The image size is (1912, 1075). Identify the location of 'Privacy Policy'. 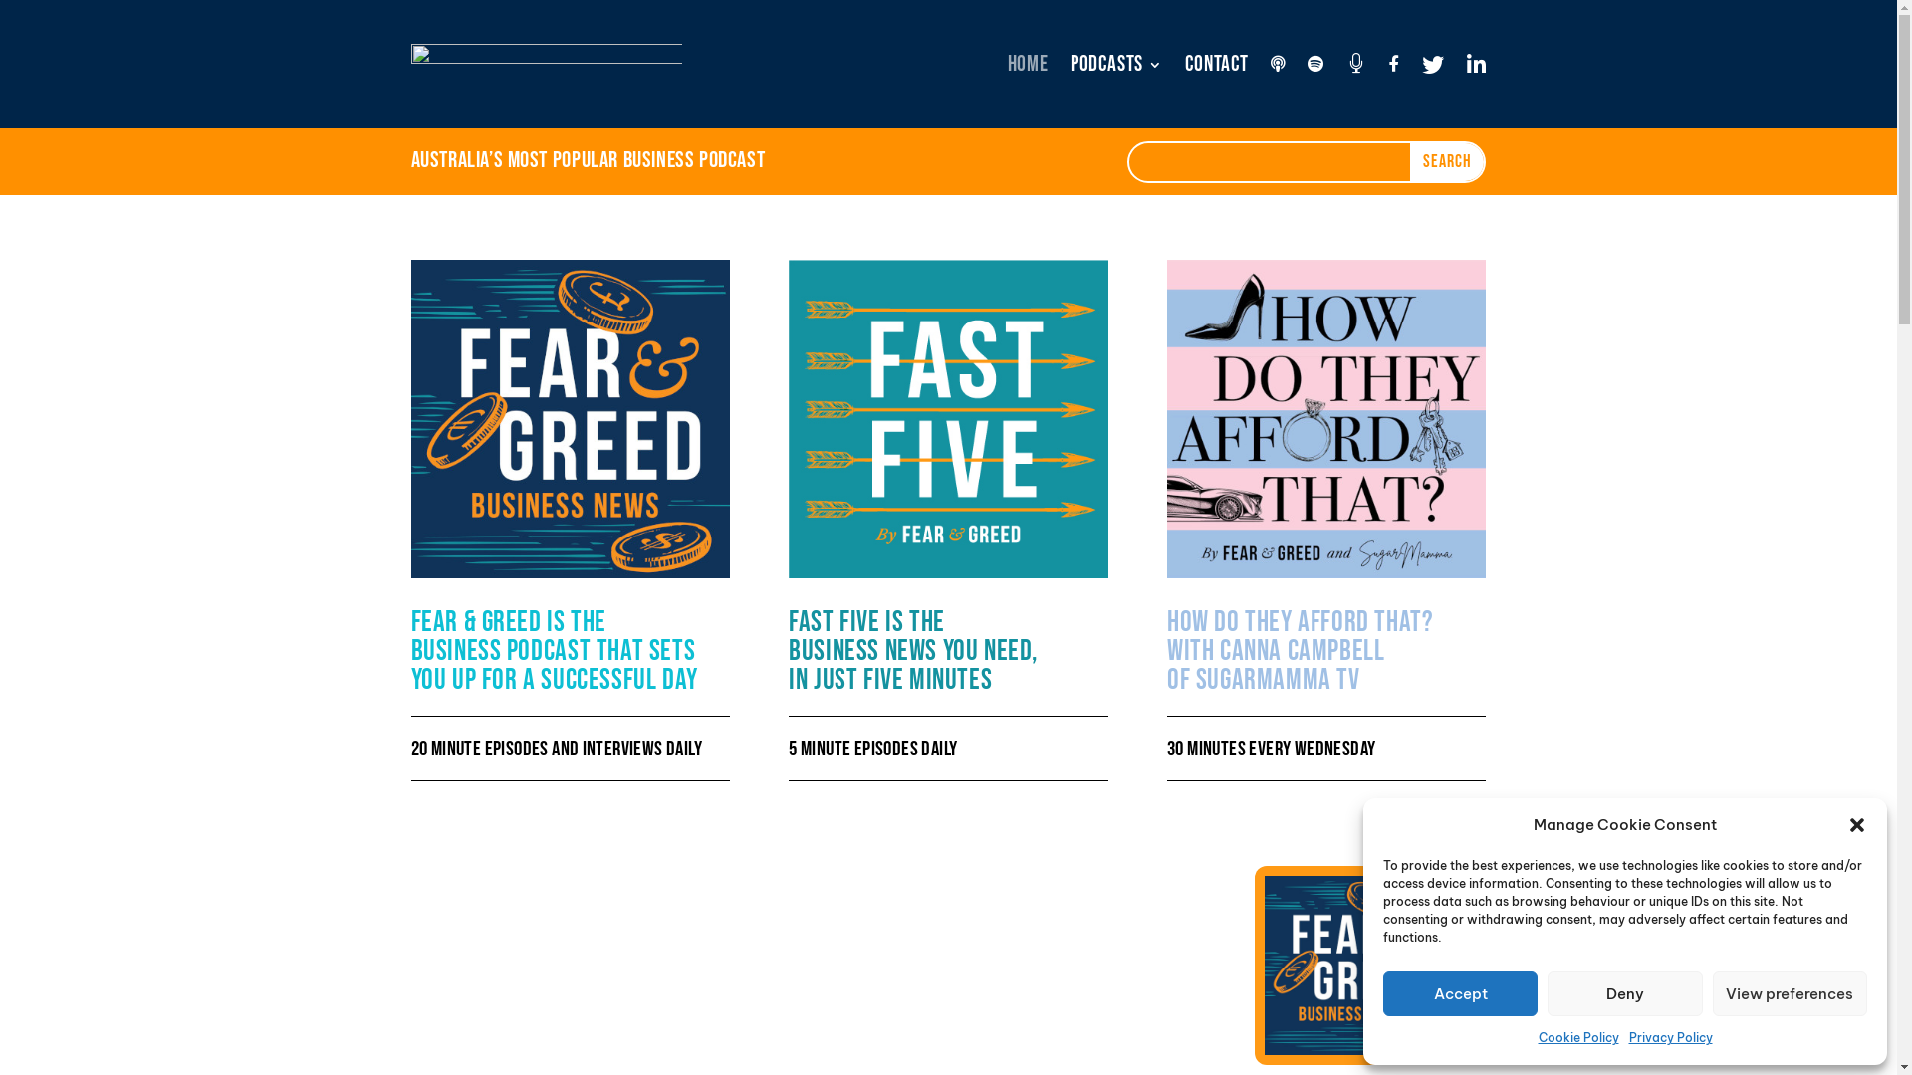
(1671, 1036).